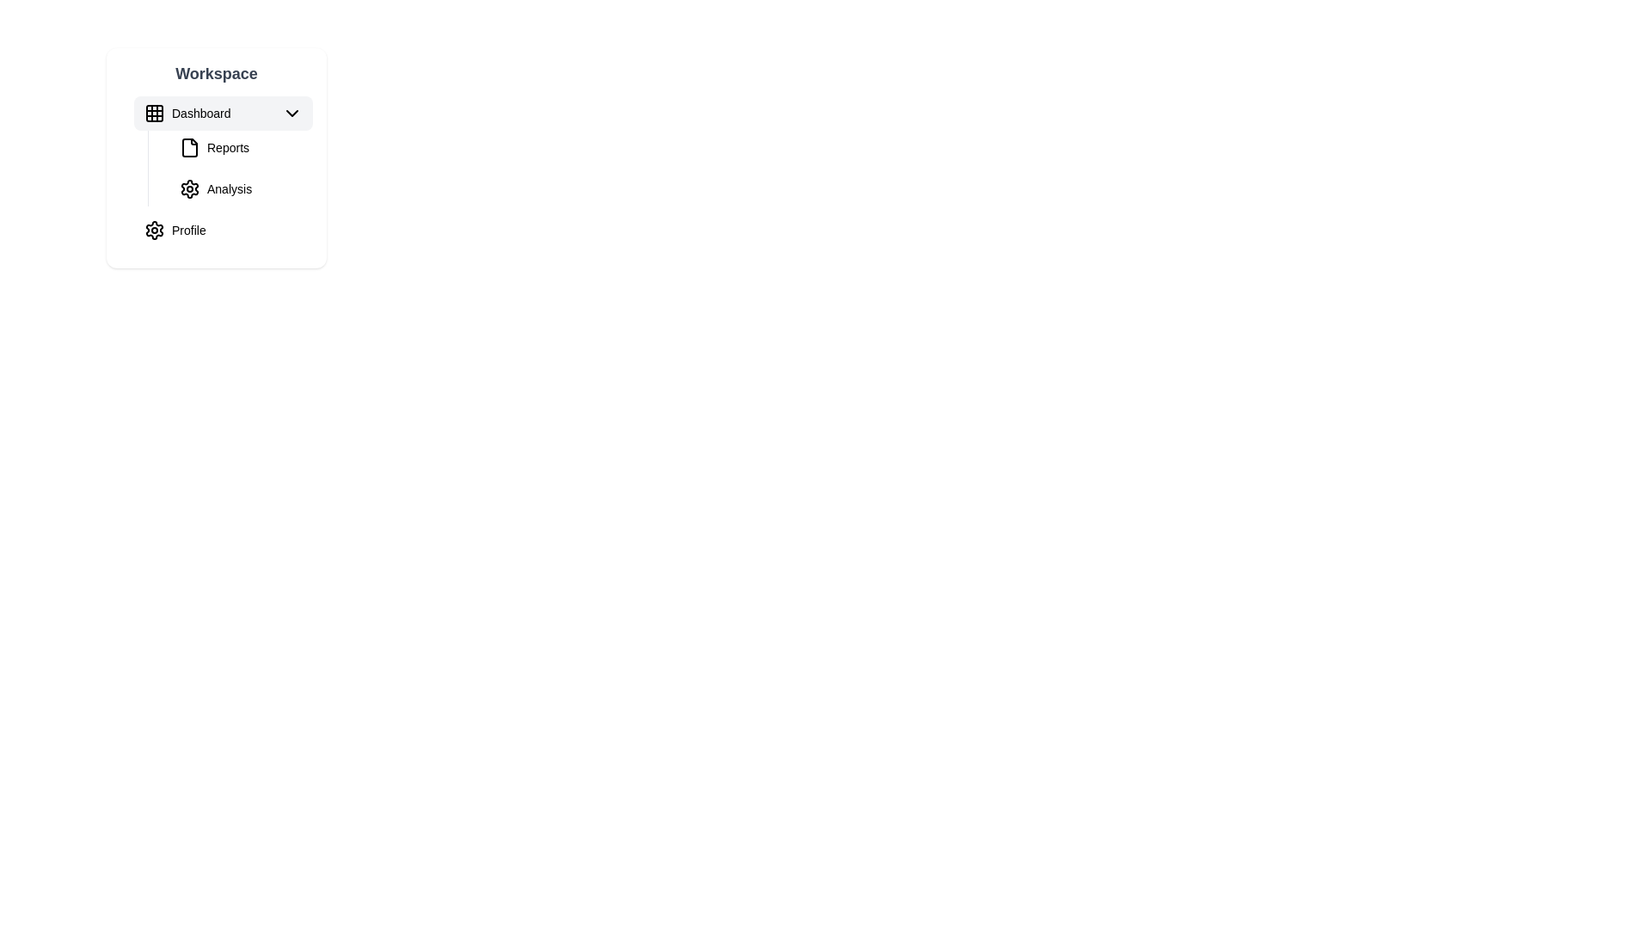 The height and width of the screenshot is (929, 1651). What do you see at coordinates (155, 229) in the screenshot?
I see `the gear-shaped icon next to the 'Profile' text to interact with the settings entry` at bounding box center [155, 229].